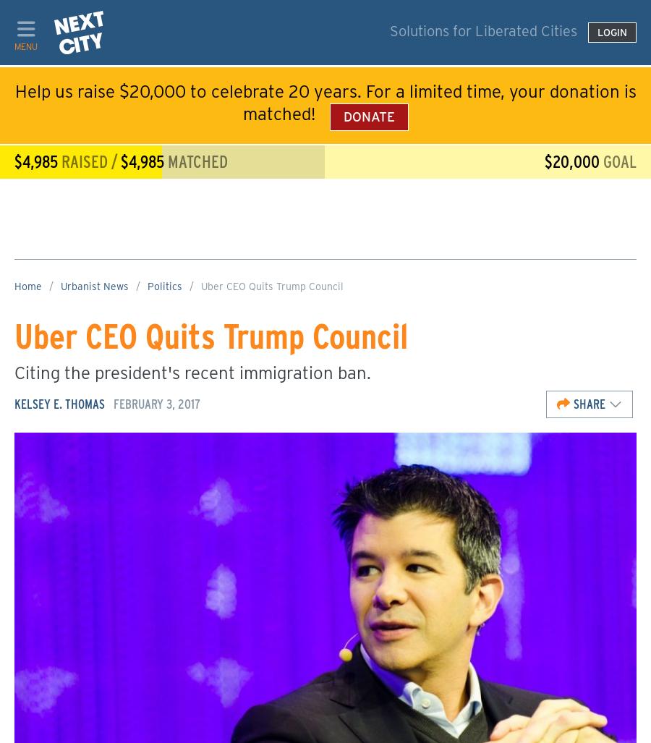 Image resolution: width=651 pixels, height=743 pixels. Describe the element at coordinates (91, 161) in the screenshot. I see `'raised /'` at that location.